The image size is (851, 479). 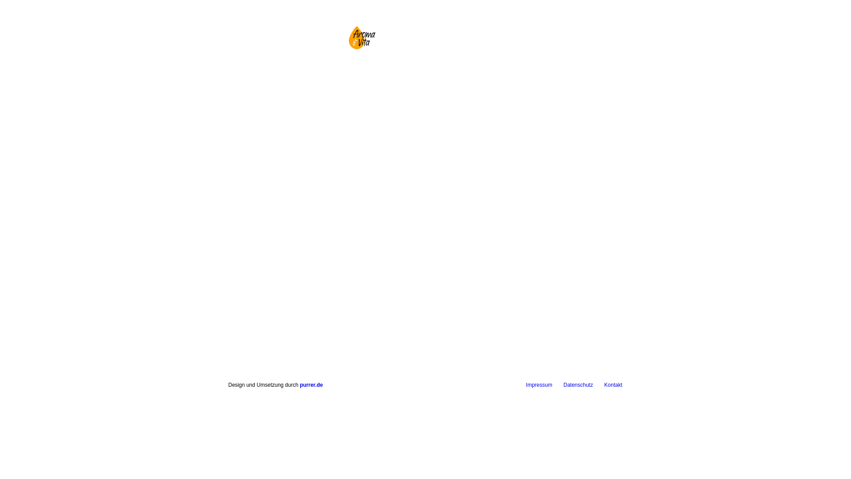 I want to click on 'purrer.de', so click(x=311, y=384).